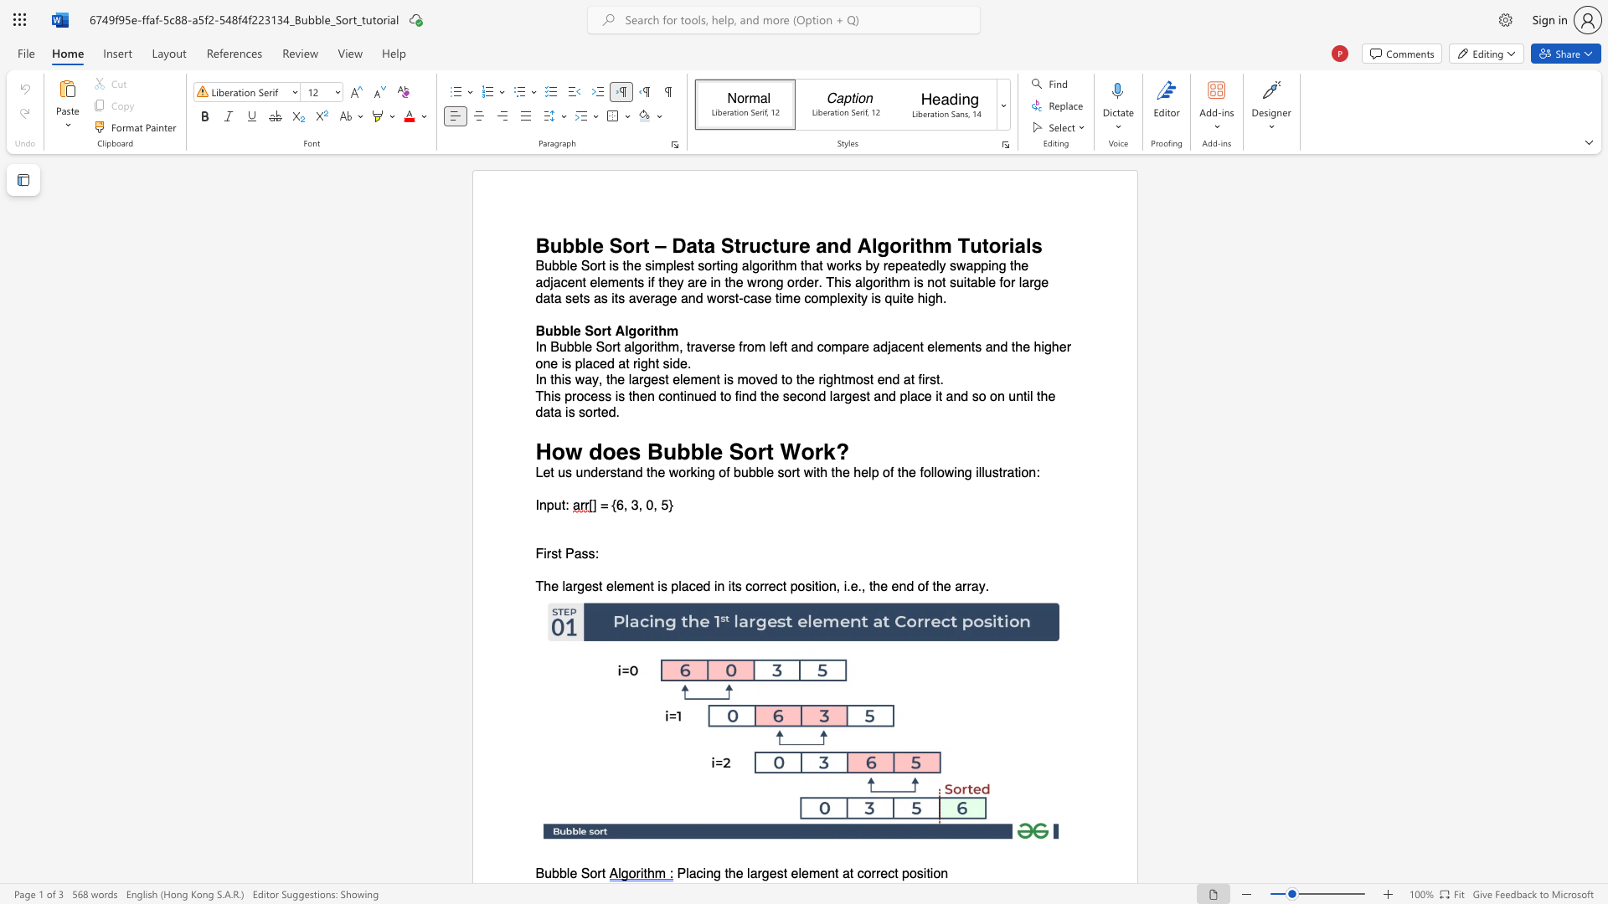 This screenshot has width=1608, height=904. What do you see at coordinates (563, 873) in the screenshot?
I see `the 2th character "b" in the text` at bounding box center [563, 873].